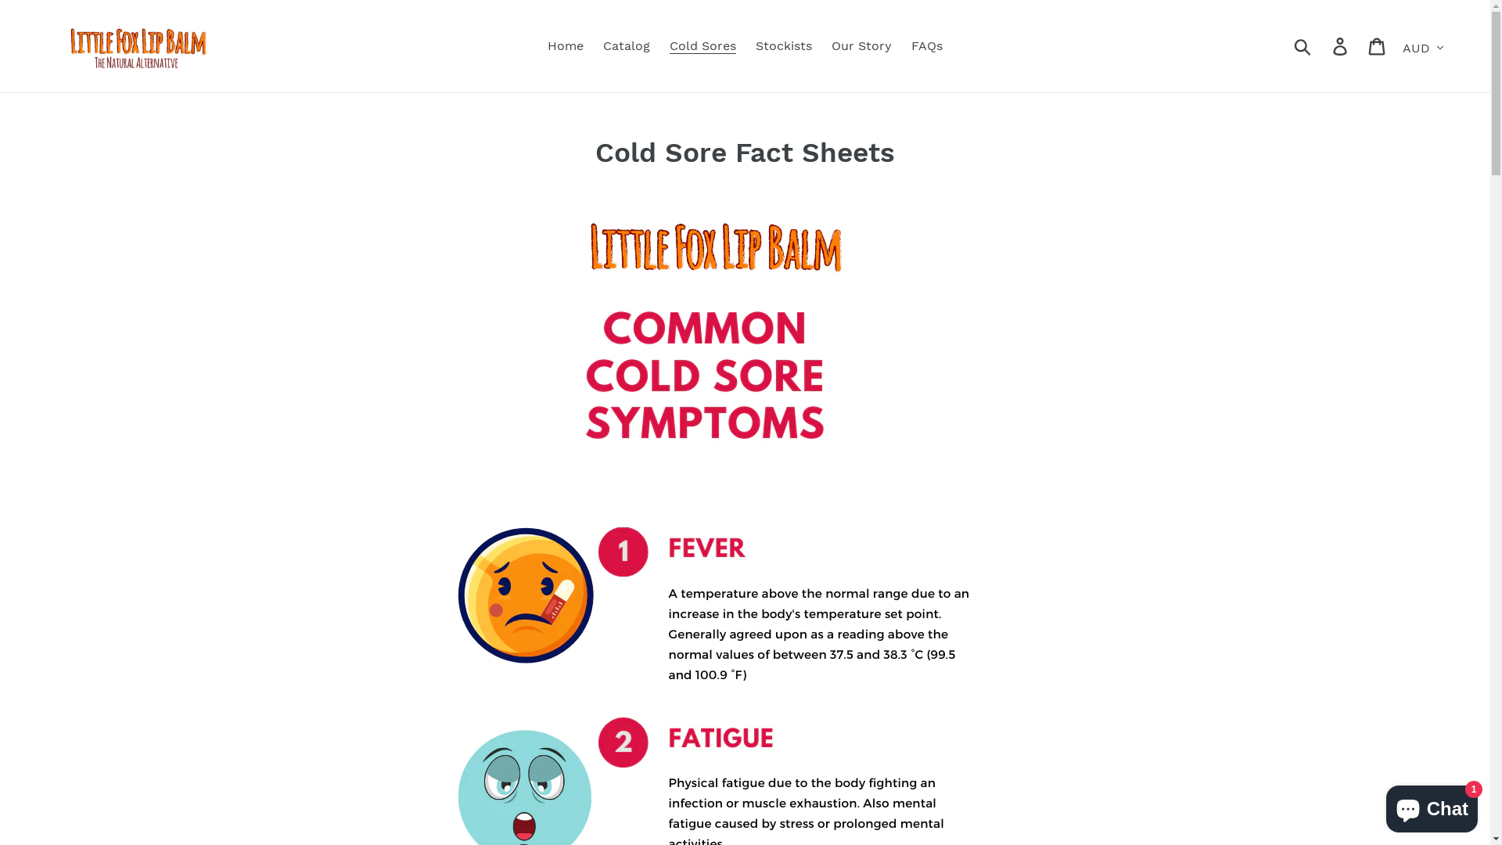 This screenshot has width=1502, height=845. I want to click on 'Cold Sores', so click(661, 45).